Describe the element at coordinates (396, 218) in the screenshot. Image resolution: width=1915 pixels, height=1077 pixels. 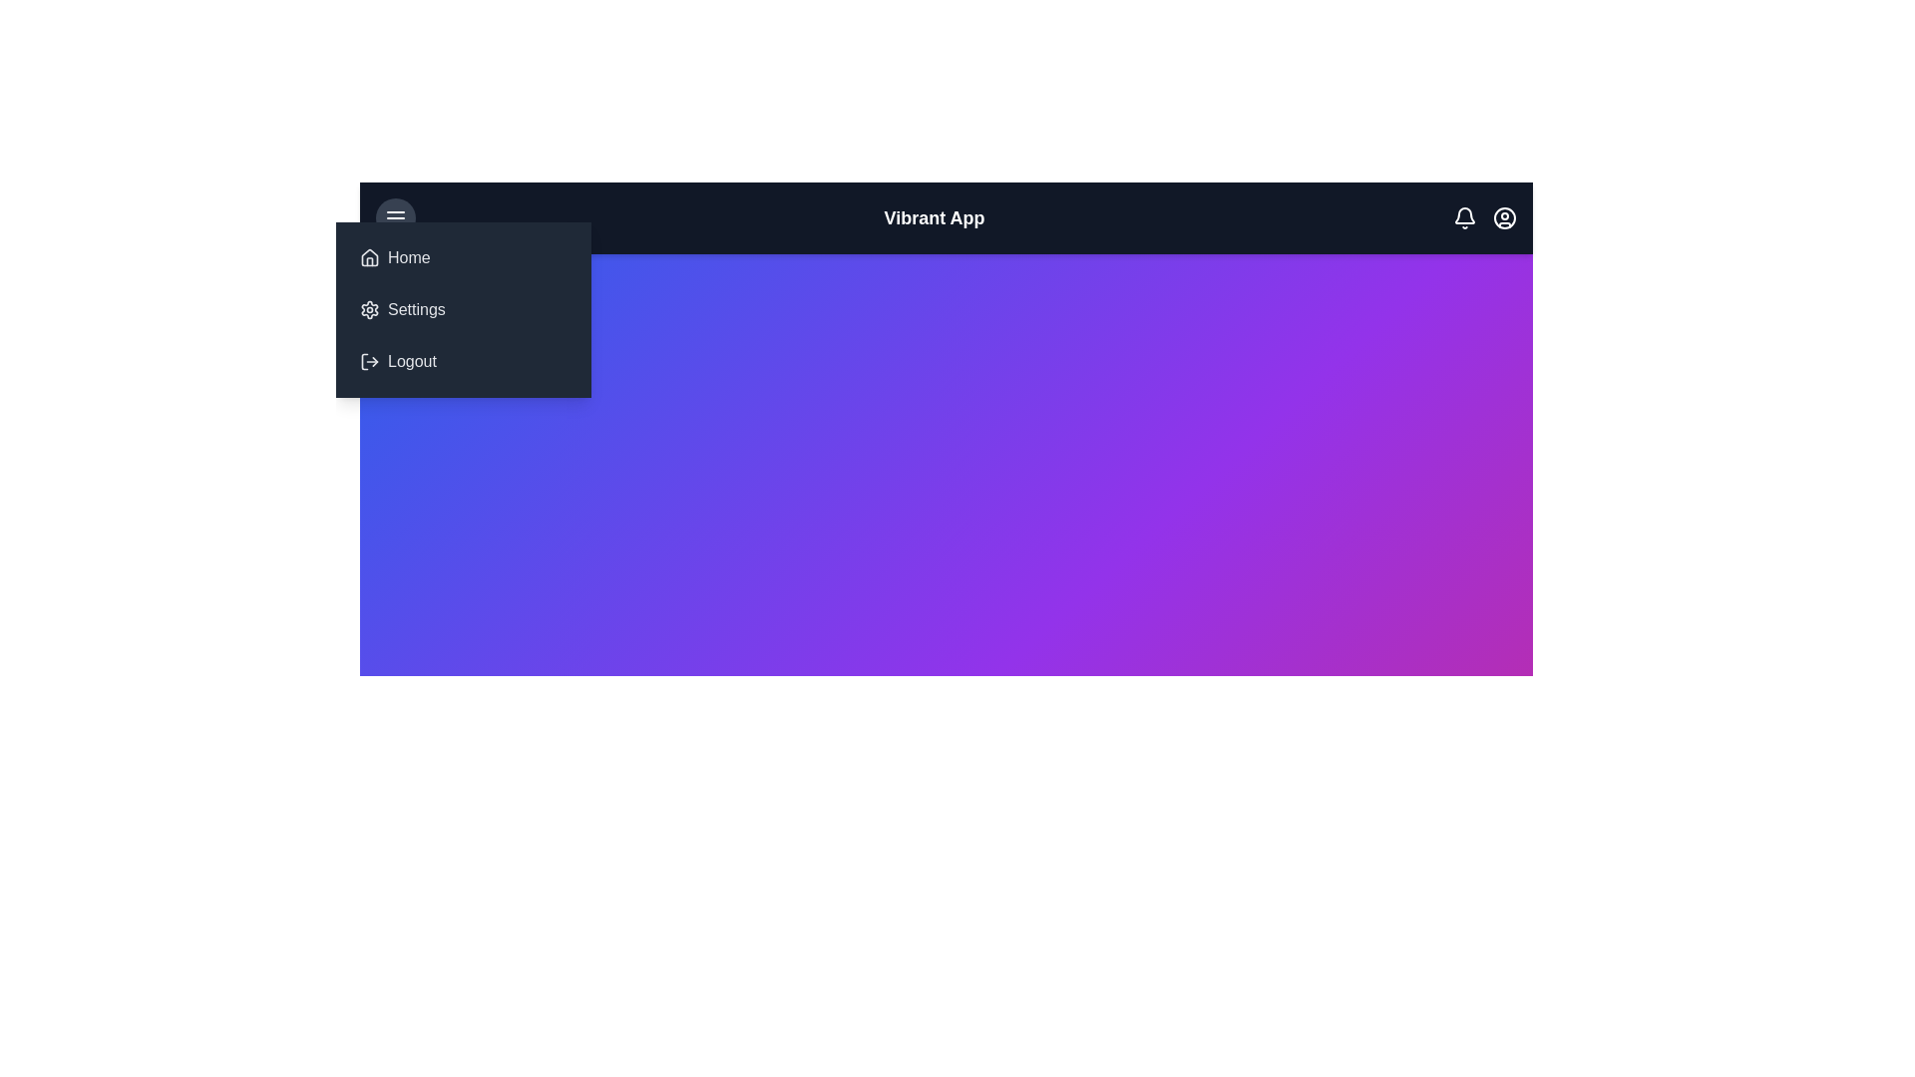
I see `the menu toggle button to toggle the visibility of the navigation menu` at that location.